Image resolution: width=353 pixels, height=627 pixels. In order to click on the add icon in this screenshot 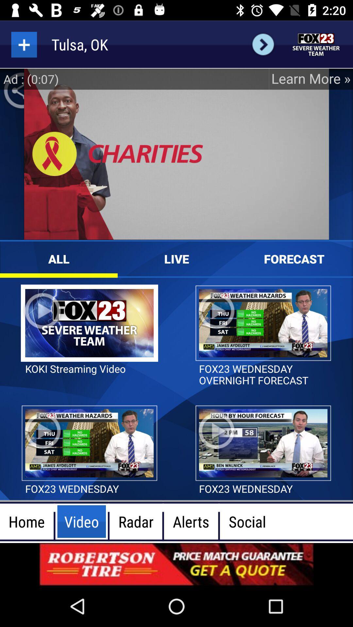, I will do `click(24, 44)`.